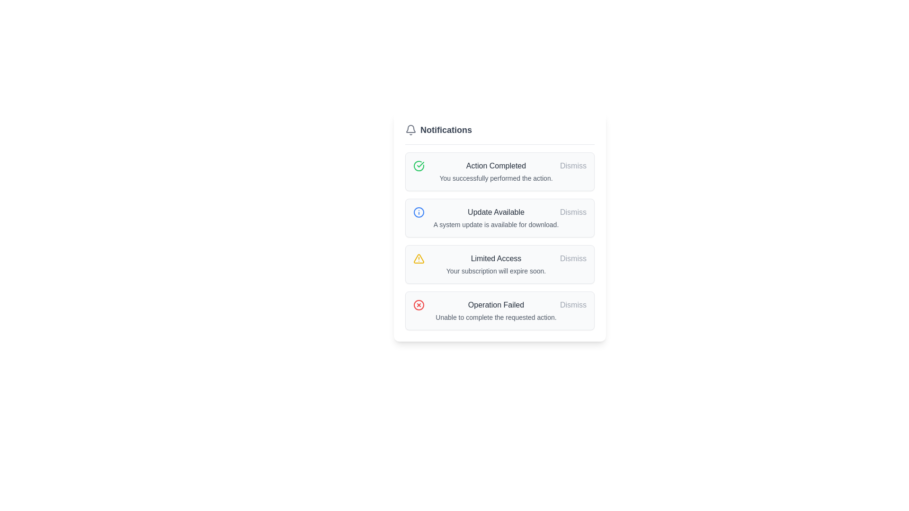 Image resolution: width=909 pixels, height=511 pixels. Describe the element at coordinates (495, 224) in the screenshot. I see `the text label that provides additional details about the notification, located directly below the title 'Update Available' in the notification list` at that location.